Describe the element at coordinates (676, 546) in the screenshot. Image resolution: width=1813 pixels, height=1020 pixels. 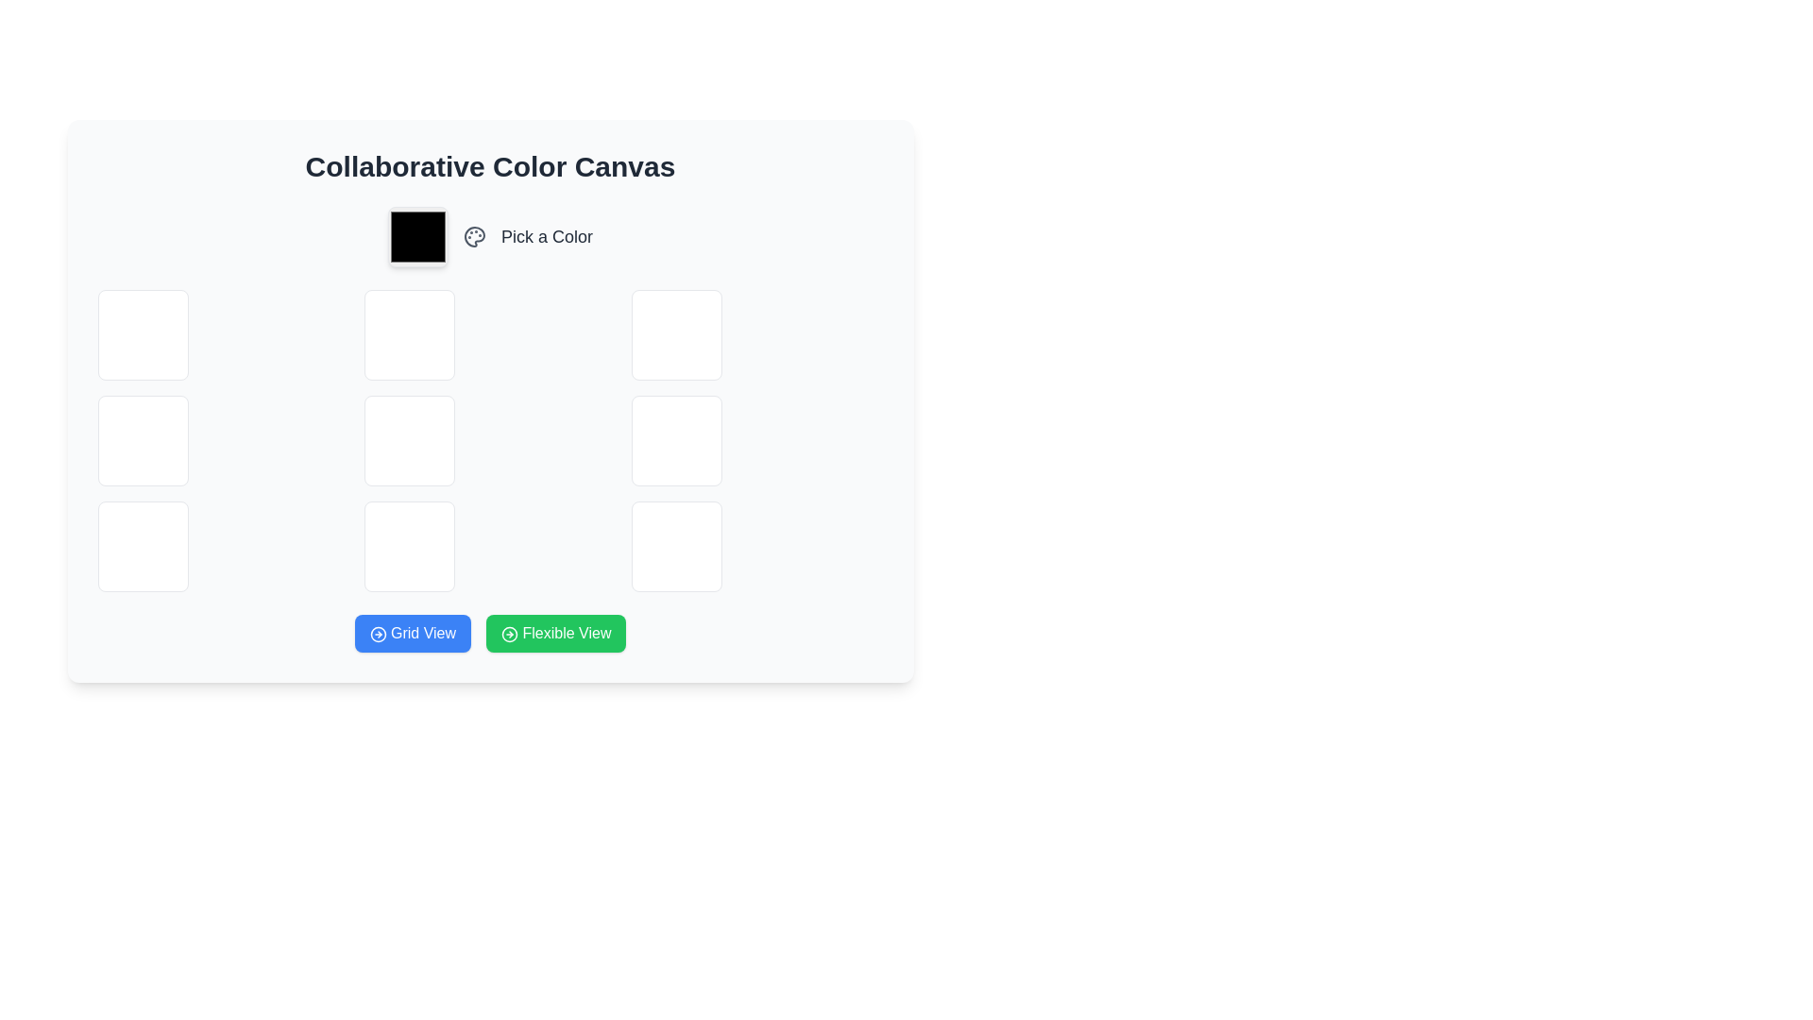
I see `the square-shaped grid cell component located` at that location.